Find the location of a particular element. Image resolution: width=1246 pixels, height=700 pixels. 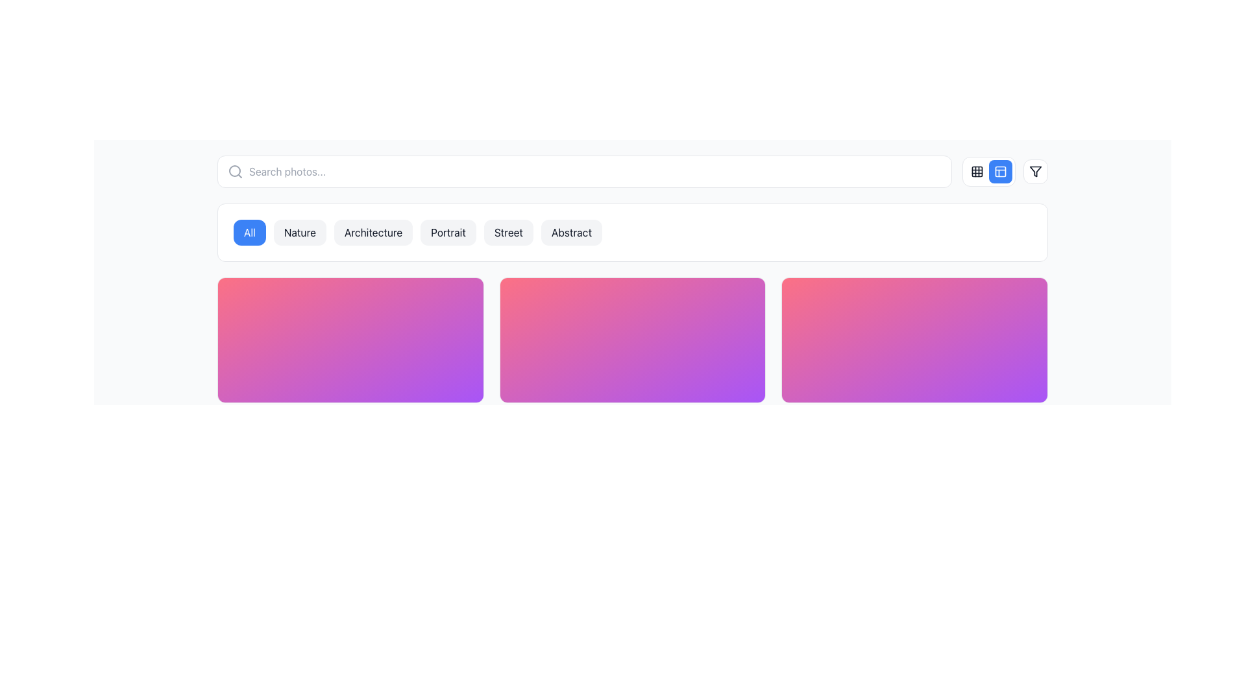

the 'Portrait' button, which is the fourth button from the left in a row of six, to trigger a visual change is located at coordinates (448, 231).